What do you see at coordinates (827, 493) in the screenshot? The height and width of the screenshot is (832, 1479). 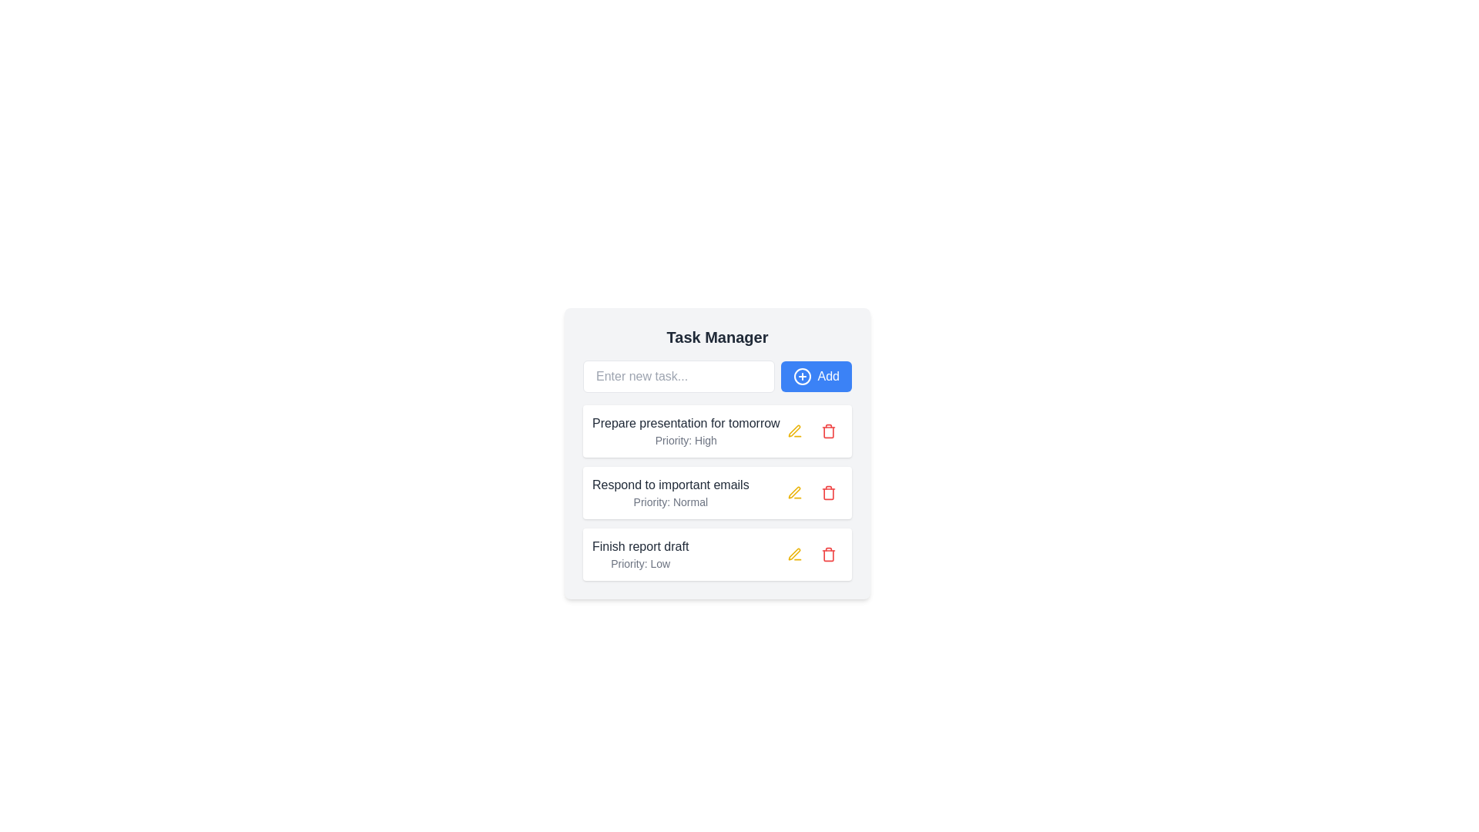 I see `the rounded rectangle outline of the trash bin in the SVG graphic, which represents the delete button in the task list` at bounding box center [827, 493].